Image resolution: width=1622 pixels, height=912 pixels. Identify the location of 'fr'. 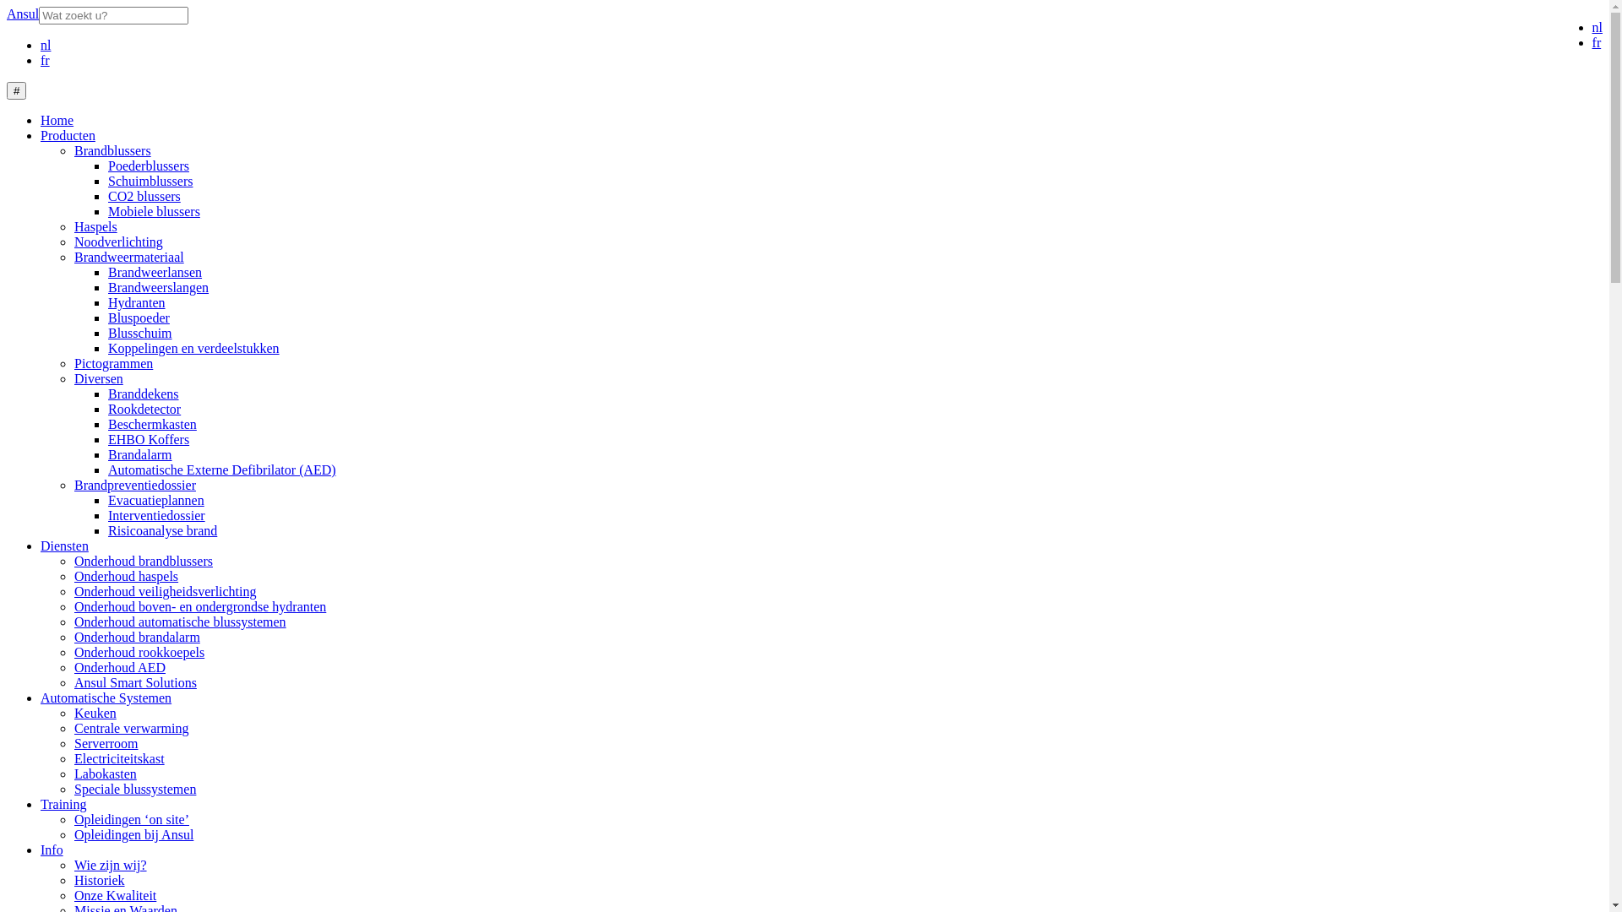
(1592, 41).